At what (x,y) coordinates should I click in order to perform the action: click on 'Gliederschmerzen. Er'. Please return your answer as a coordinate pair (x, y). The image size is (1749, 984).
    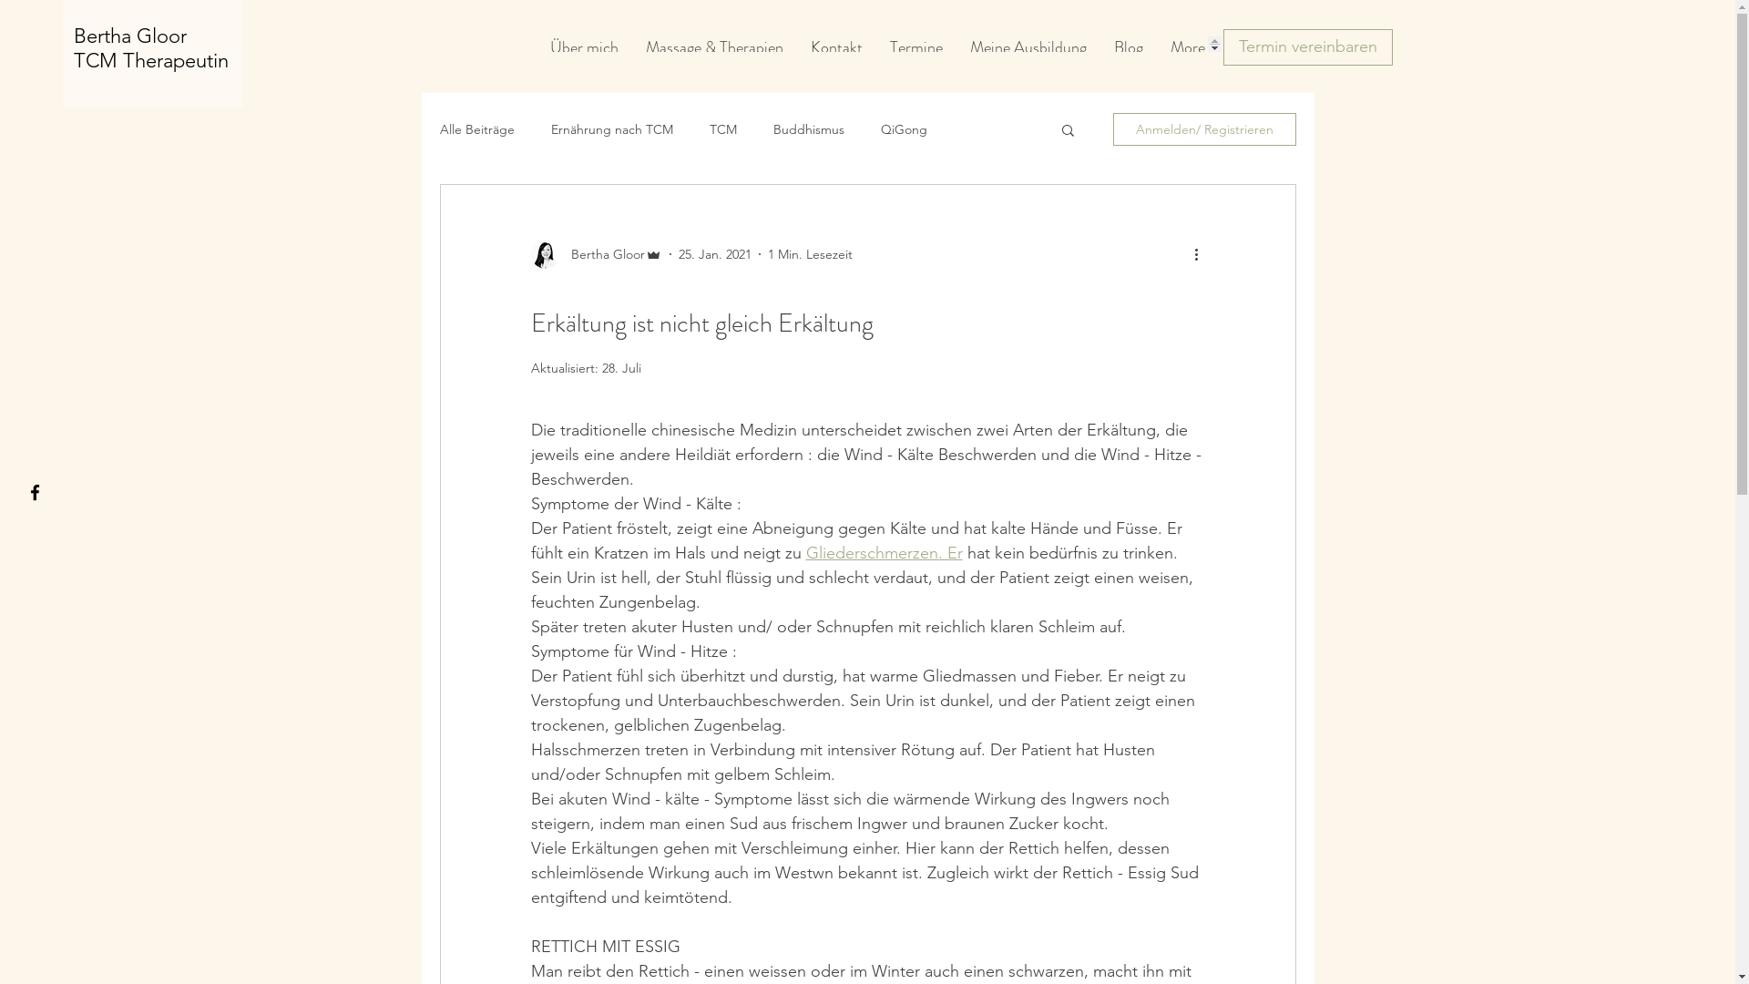
    Looking at the image, I should click on (803, 551).